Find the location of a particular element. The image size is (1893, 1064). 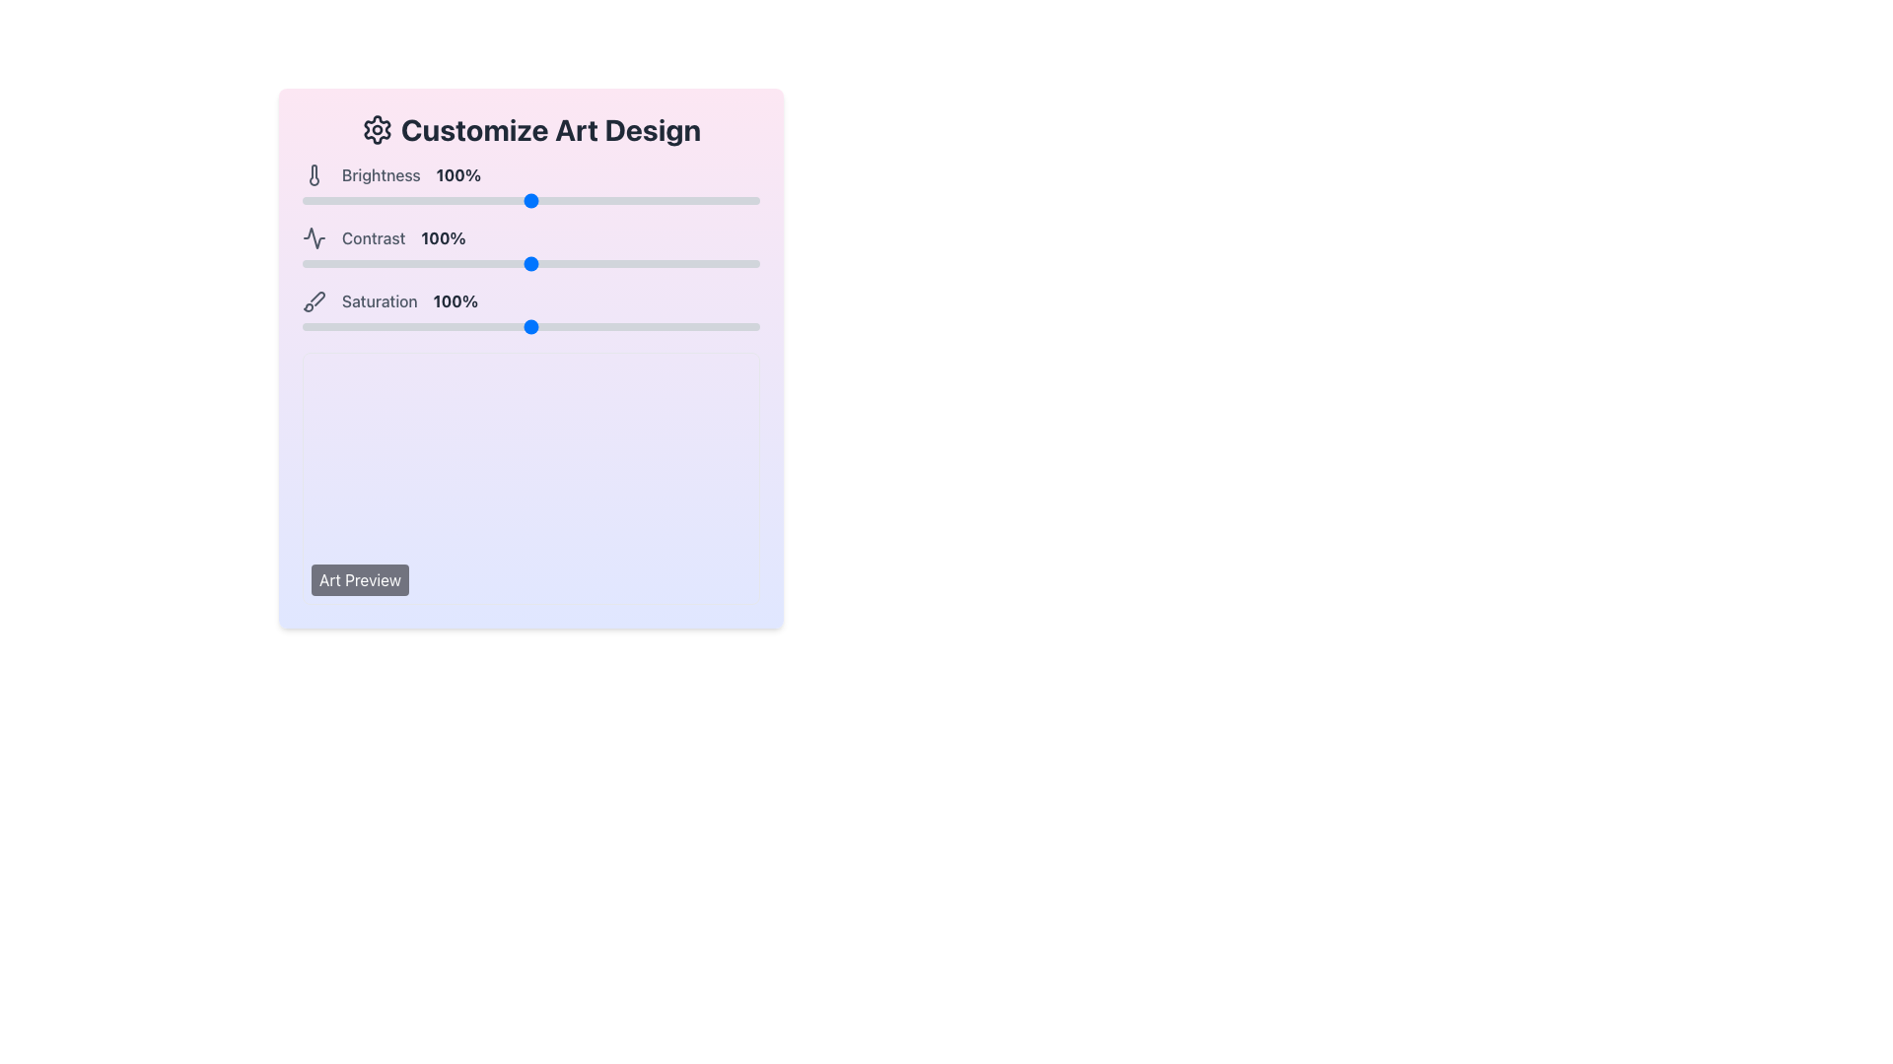

contrast is located at coordinates (499, 262).